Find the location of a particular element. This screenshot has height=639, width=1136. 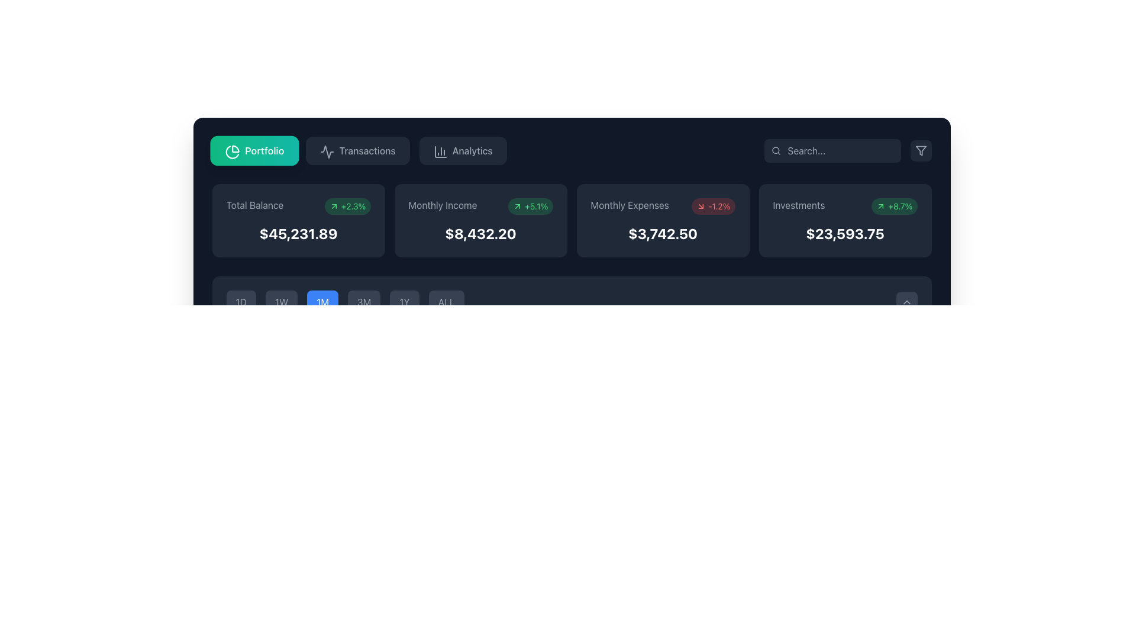

the '1 Month' button, which is the third button in a group of six buttons labeled '1D', '1W', '1M', '3M', '1Y', and 'ALL' is located at coordinates (322, 301).